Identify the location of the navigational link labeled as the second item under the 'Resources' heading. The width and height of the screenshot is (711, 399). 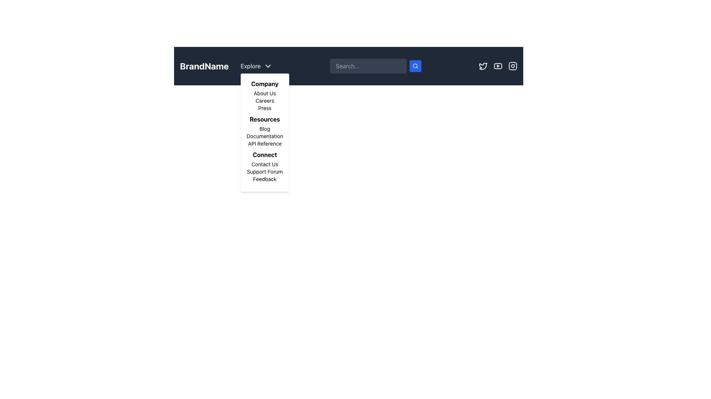
(265, 136).